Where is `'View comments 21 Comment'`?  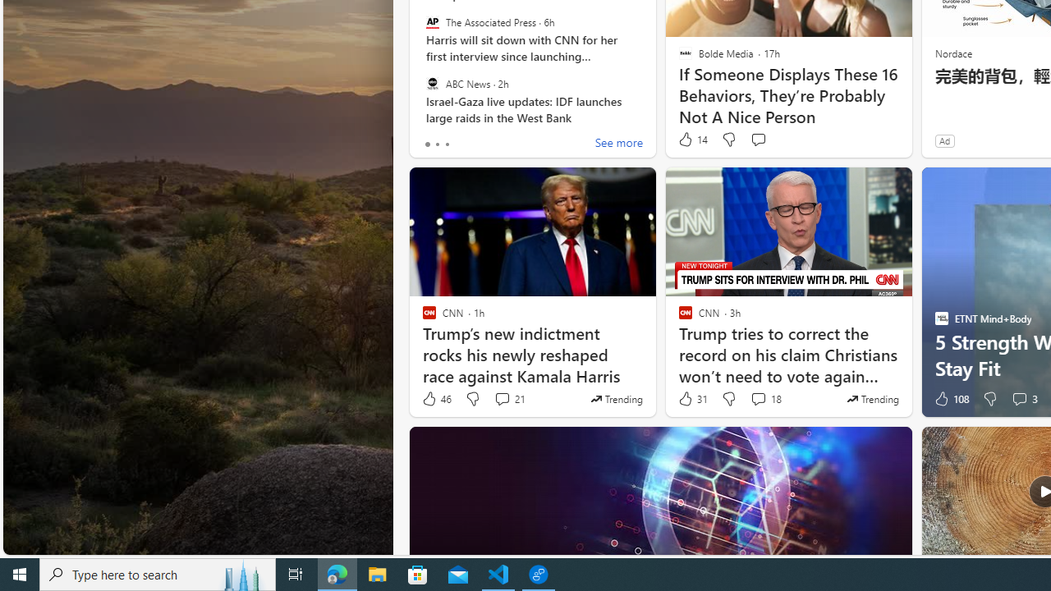 'View comments 21 Comment' is located at coordinates (501, 399).